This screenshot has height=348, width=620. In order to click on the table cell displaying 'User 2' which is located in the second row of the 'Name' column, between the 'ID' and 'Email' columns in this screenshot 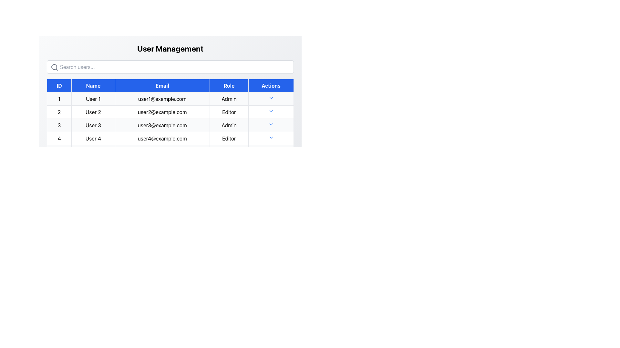, I will do `click(93, 111)`.